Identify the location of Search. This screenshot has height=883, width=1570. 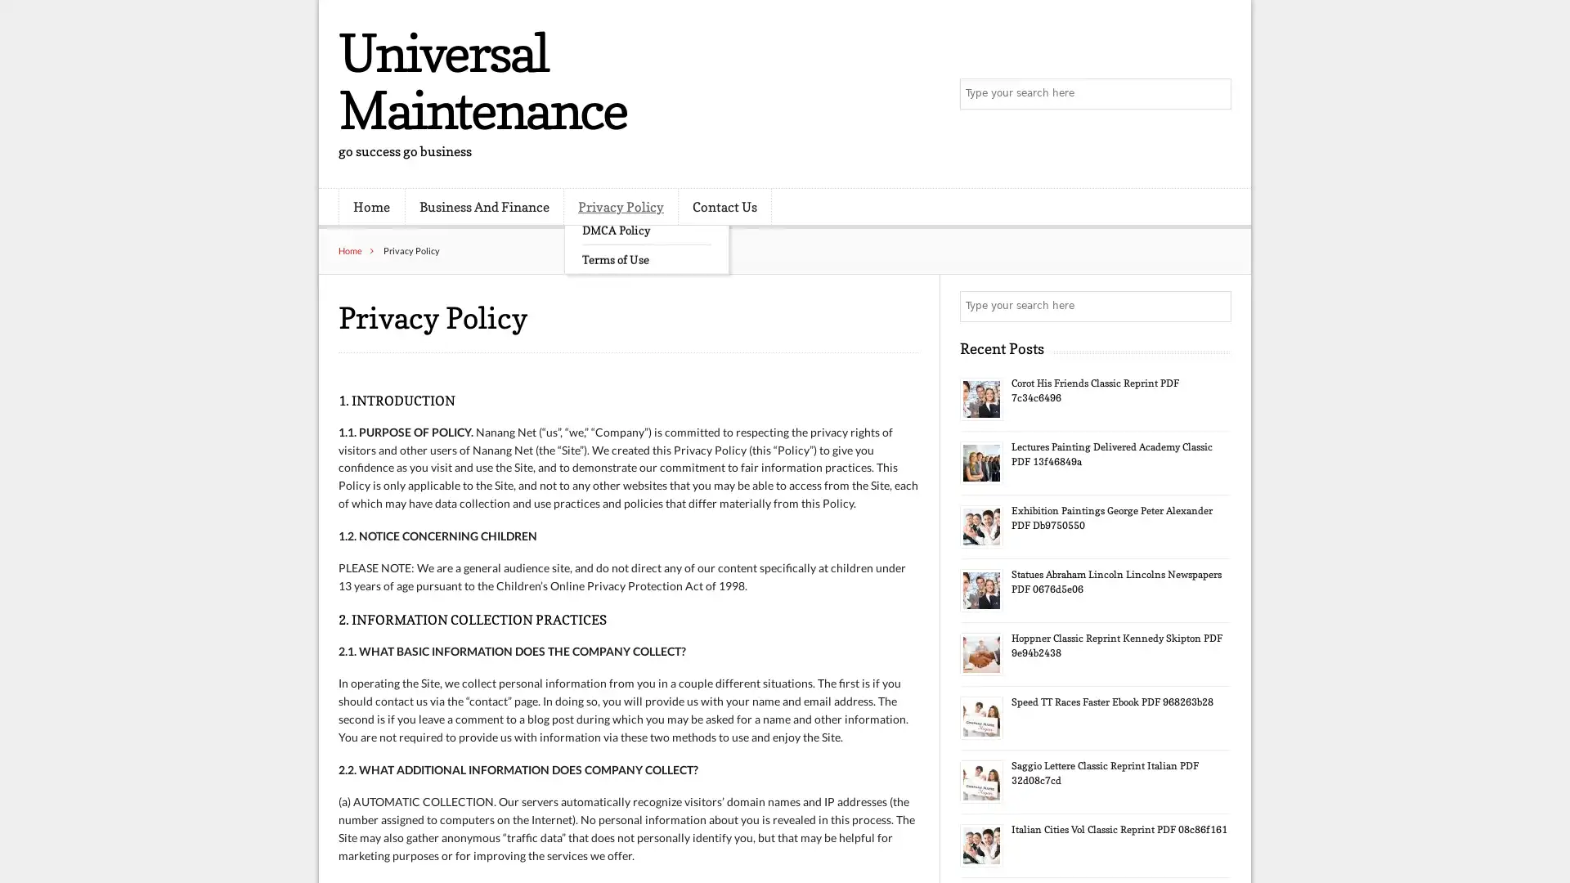
(1214, 94).